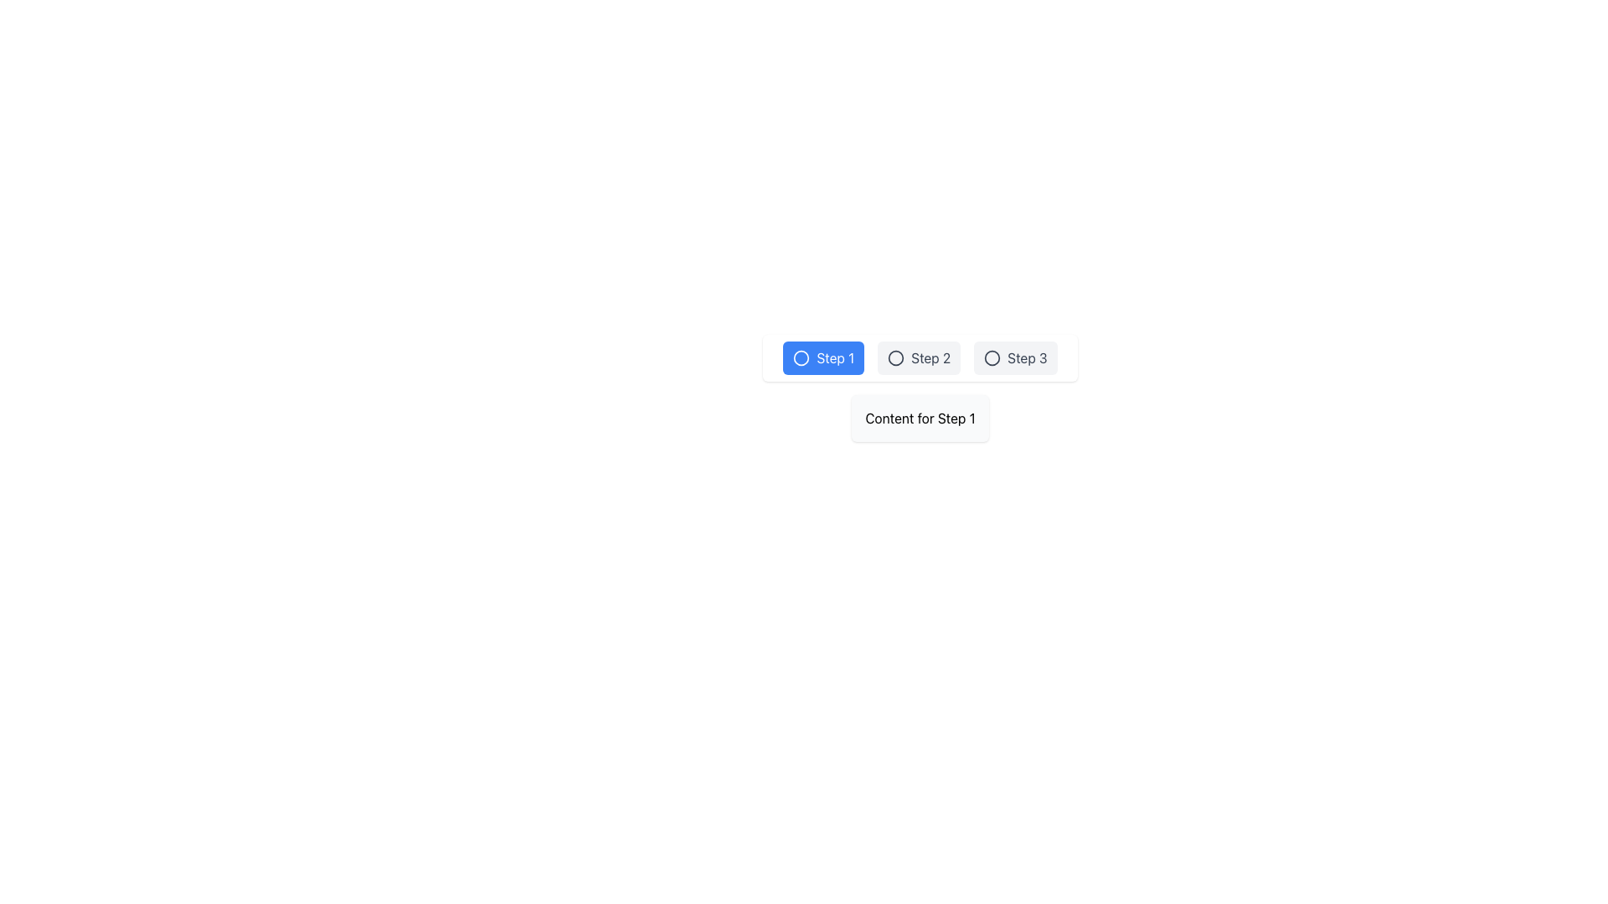 This screenshot has width=1608, height=904. Describe the element at coordinates (801, 357) in the screenshot. I see `the circular icon (SVG Circle) located directly to the left of the 'Step 1' button` at that location.